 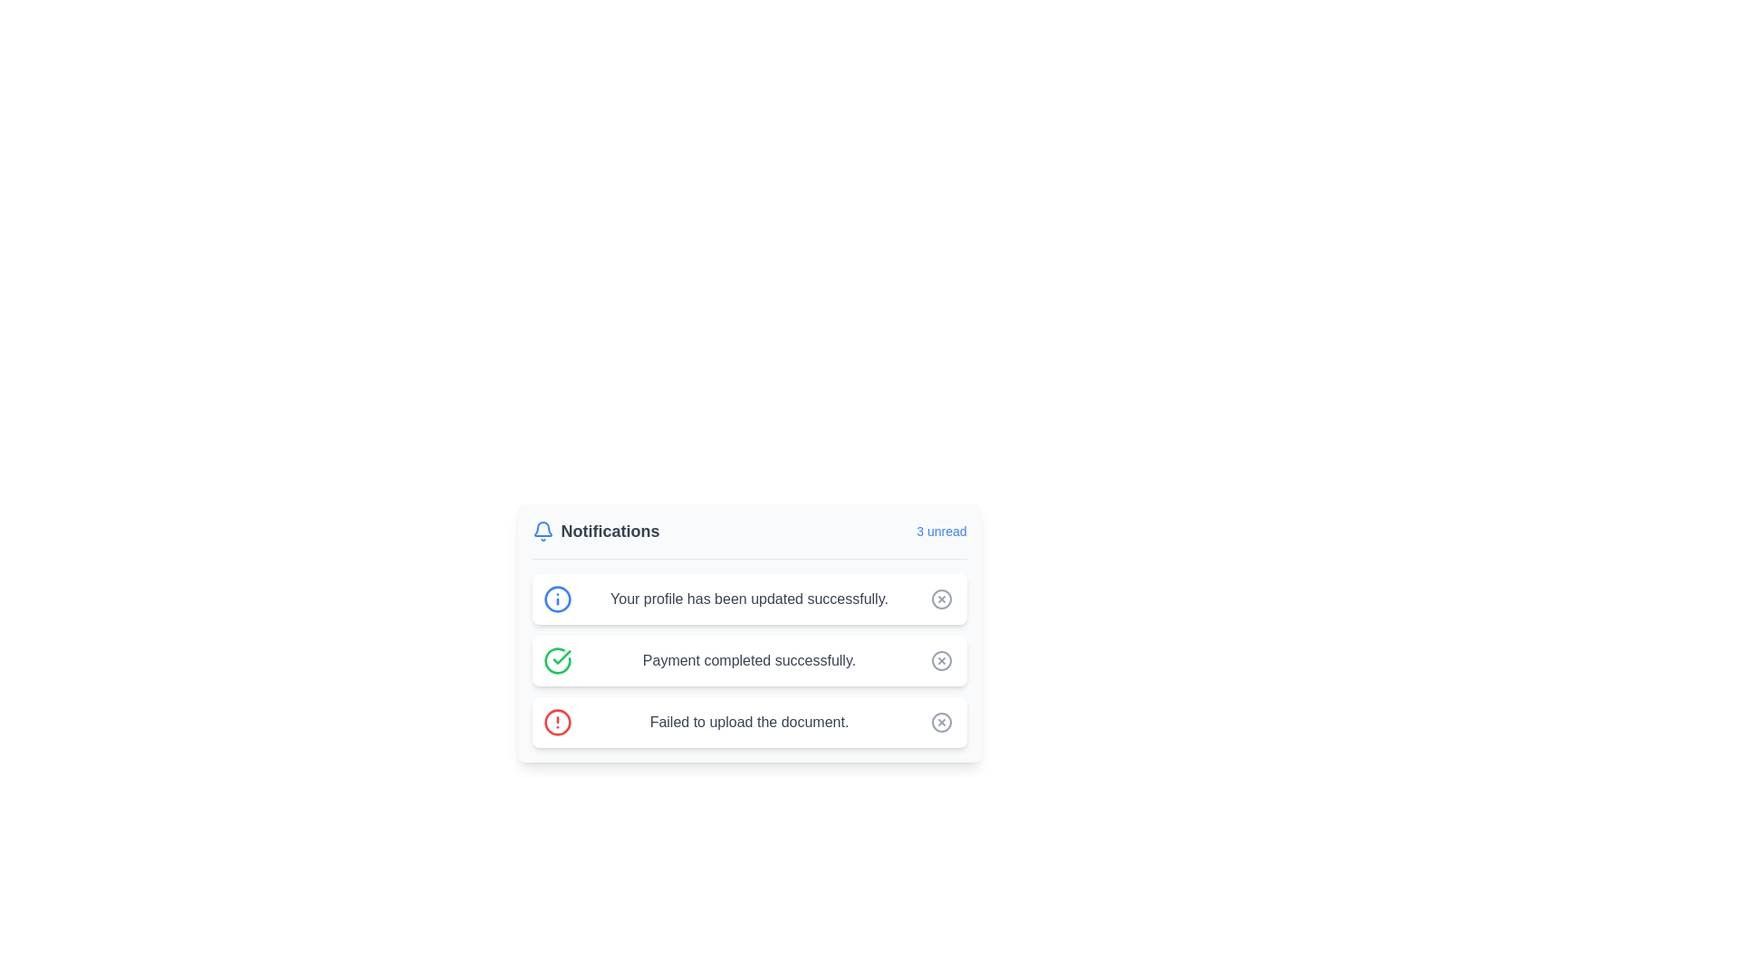 What do you see at coordinates (749, 599) in the screenshot?
I see `message from the Notification box, which is the first entry in the vertical list of notifications below the 'Notifications' heading` at bounding box center [749, 599].